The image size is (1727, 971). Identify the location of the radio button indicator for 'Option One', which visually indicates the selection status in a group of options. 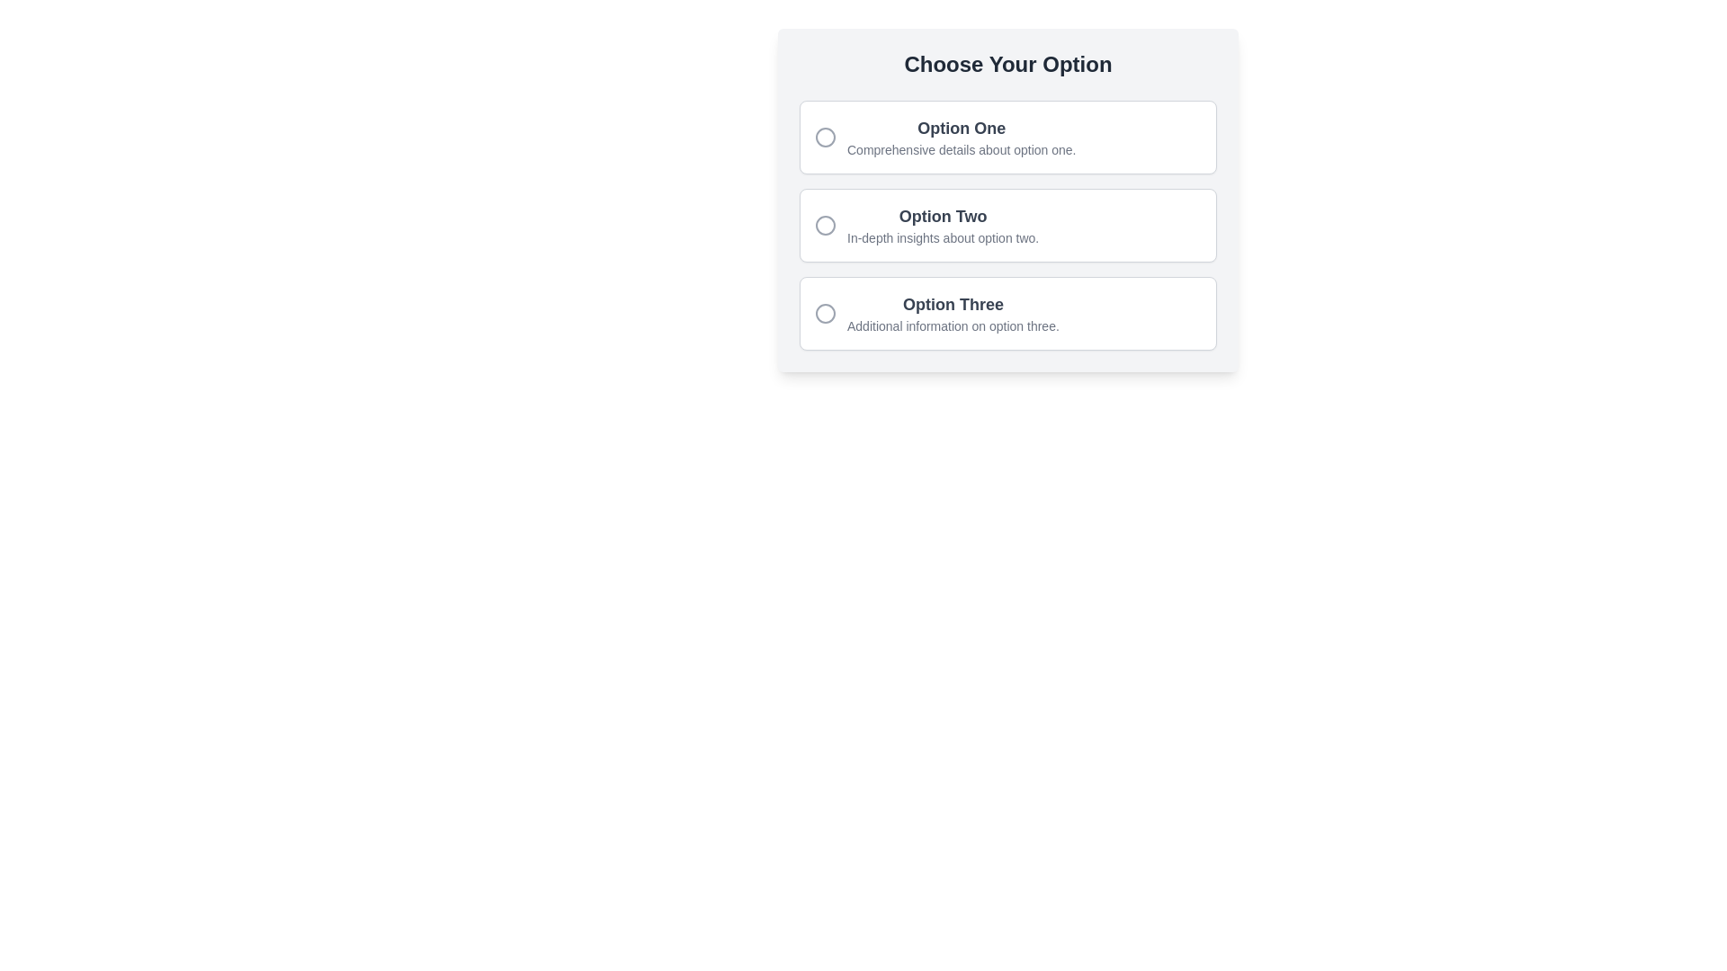
(824, 137).